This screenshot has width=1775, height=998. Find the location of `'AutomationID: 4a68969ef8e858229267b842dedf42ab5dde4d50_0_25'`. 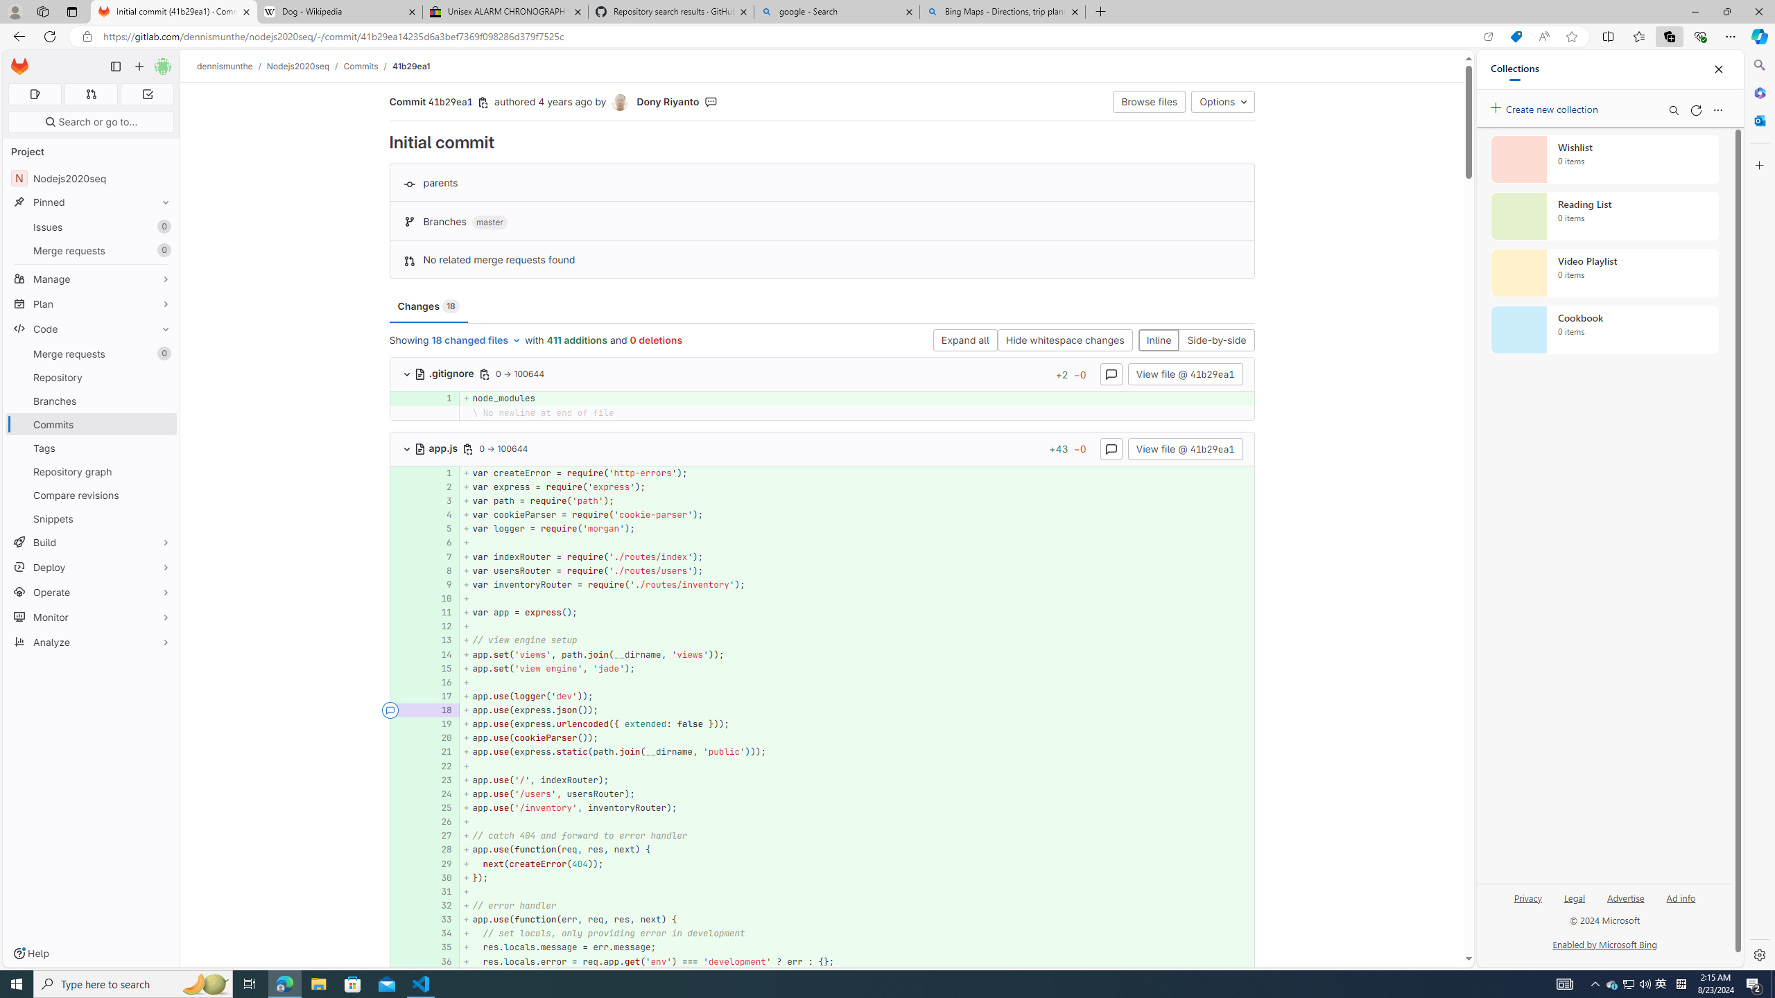

'AutomationID: 4a68969ef8e858229267b842dedf42ab5dde4d50_0_25' is located at coordinates (822, 807).